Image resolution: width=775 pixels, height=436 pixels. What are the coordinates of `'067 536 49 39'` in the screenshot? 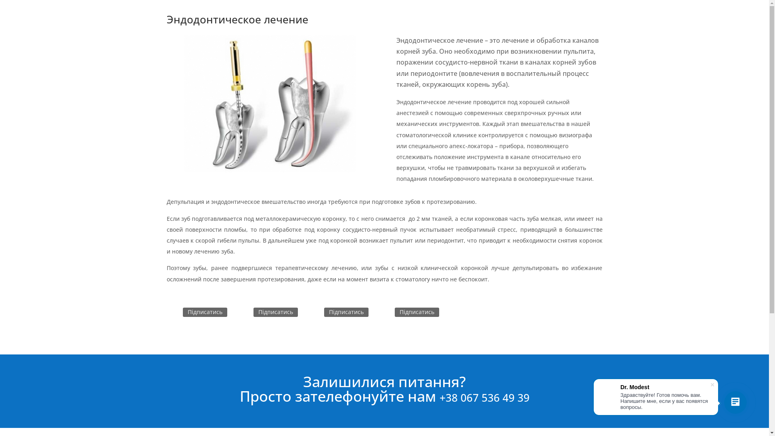 It's located at (460, 397).